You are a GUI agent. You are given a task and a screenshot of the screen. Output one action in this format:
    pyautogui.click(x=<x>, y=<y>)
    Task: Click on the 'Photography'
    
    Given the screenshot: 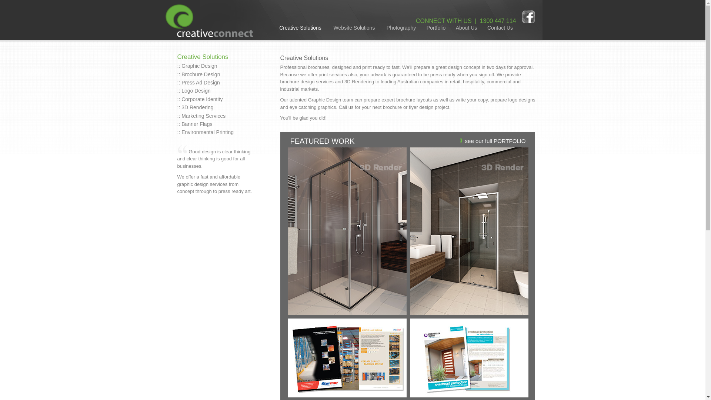 What is the action you would take?
    pyautogui.click(x=401, y=28)
    